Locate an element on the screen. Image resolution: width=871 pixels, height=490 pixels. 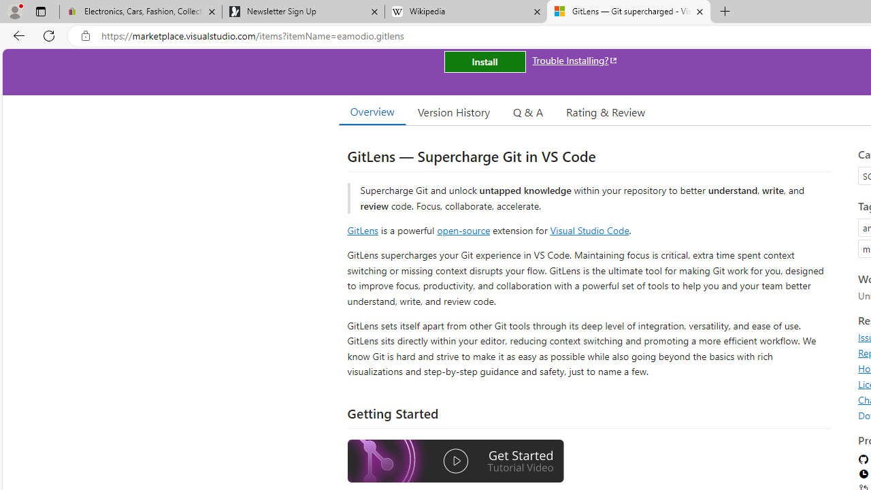
'Watch the GitLens Getting Started video' is located at coordinates (455, 461).